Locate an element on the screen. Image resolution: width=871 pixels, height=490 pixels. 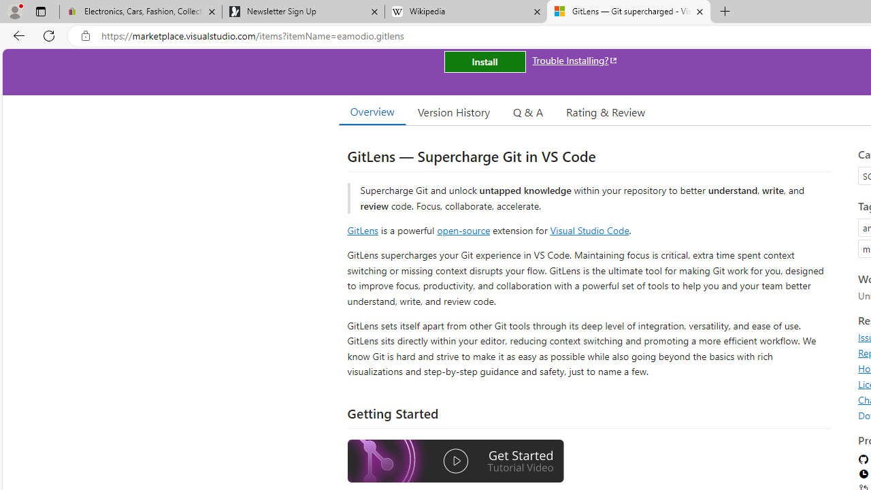
'Watch the GitLens Getting Started video' is located at coordinates (455, 461).